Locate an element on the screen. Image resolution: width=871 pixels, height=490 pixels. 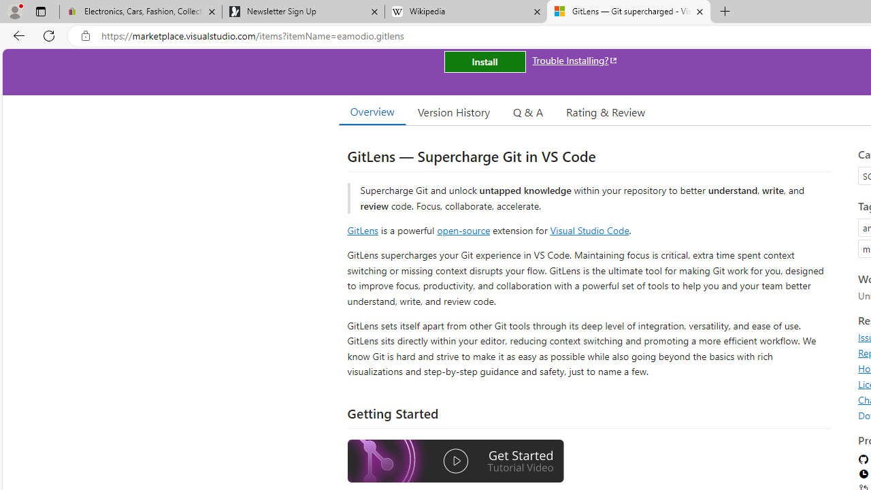
'Watch the GitLens Getting Started video' is located at coordinates (455, 461).